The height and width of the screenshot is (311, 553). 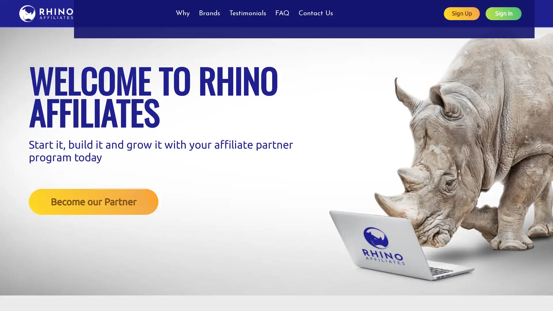 What do you see at coordinates (516, 13) in the screenshot?
I see `Sign In` at bounding box center [516, 13].